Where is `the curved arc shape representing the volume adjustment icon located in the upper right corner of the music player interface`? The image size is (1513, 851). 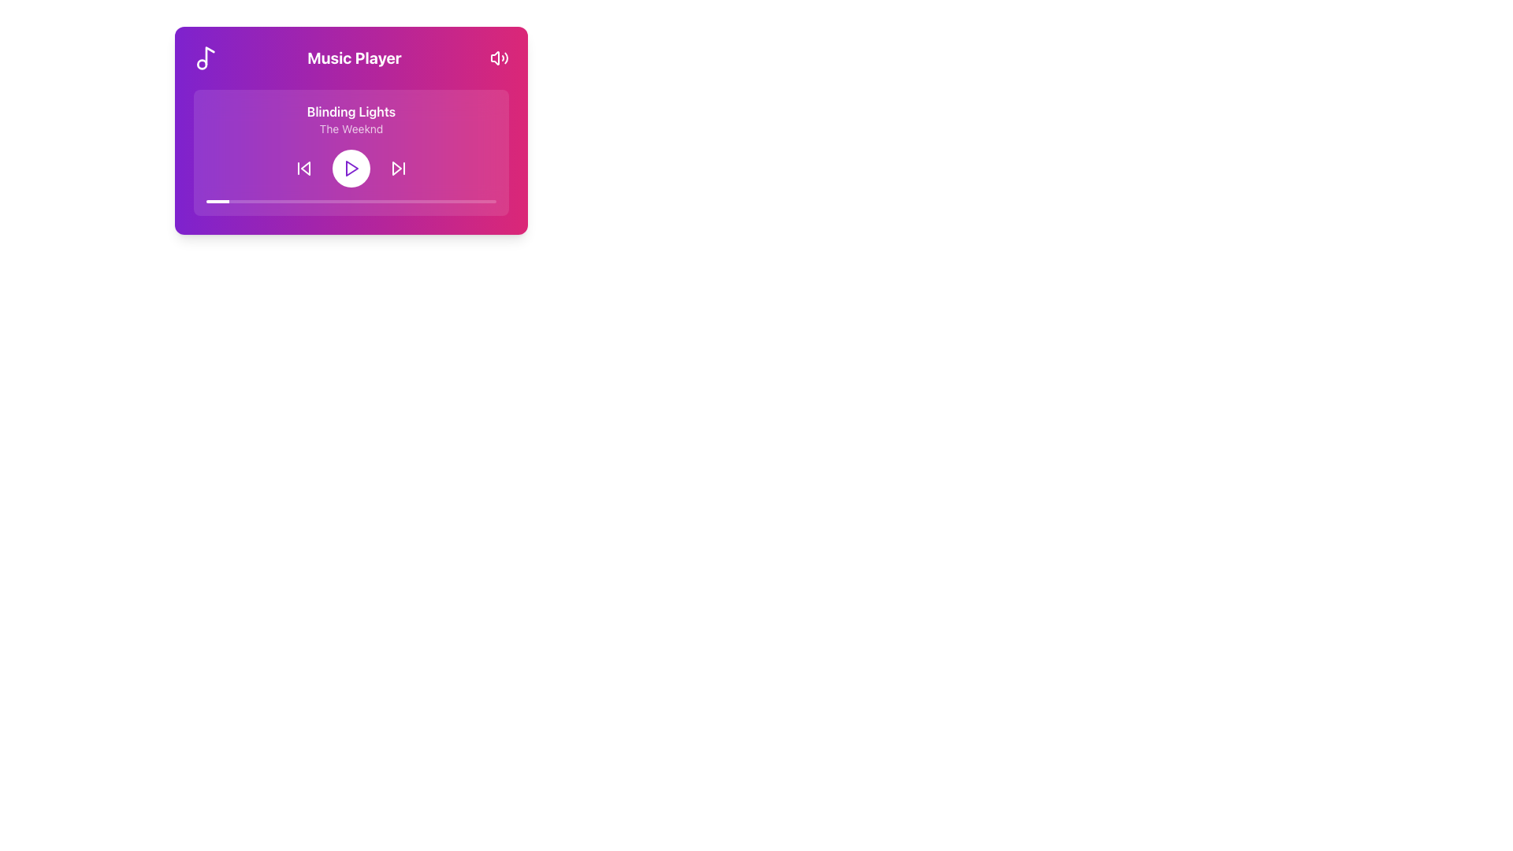
the curved arc shape representing the volume adjustment icon located in the upper right corner of the music player interface is located at coordinates (506, 57).